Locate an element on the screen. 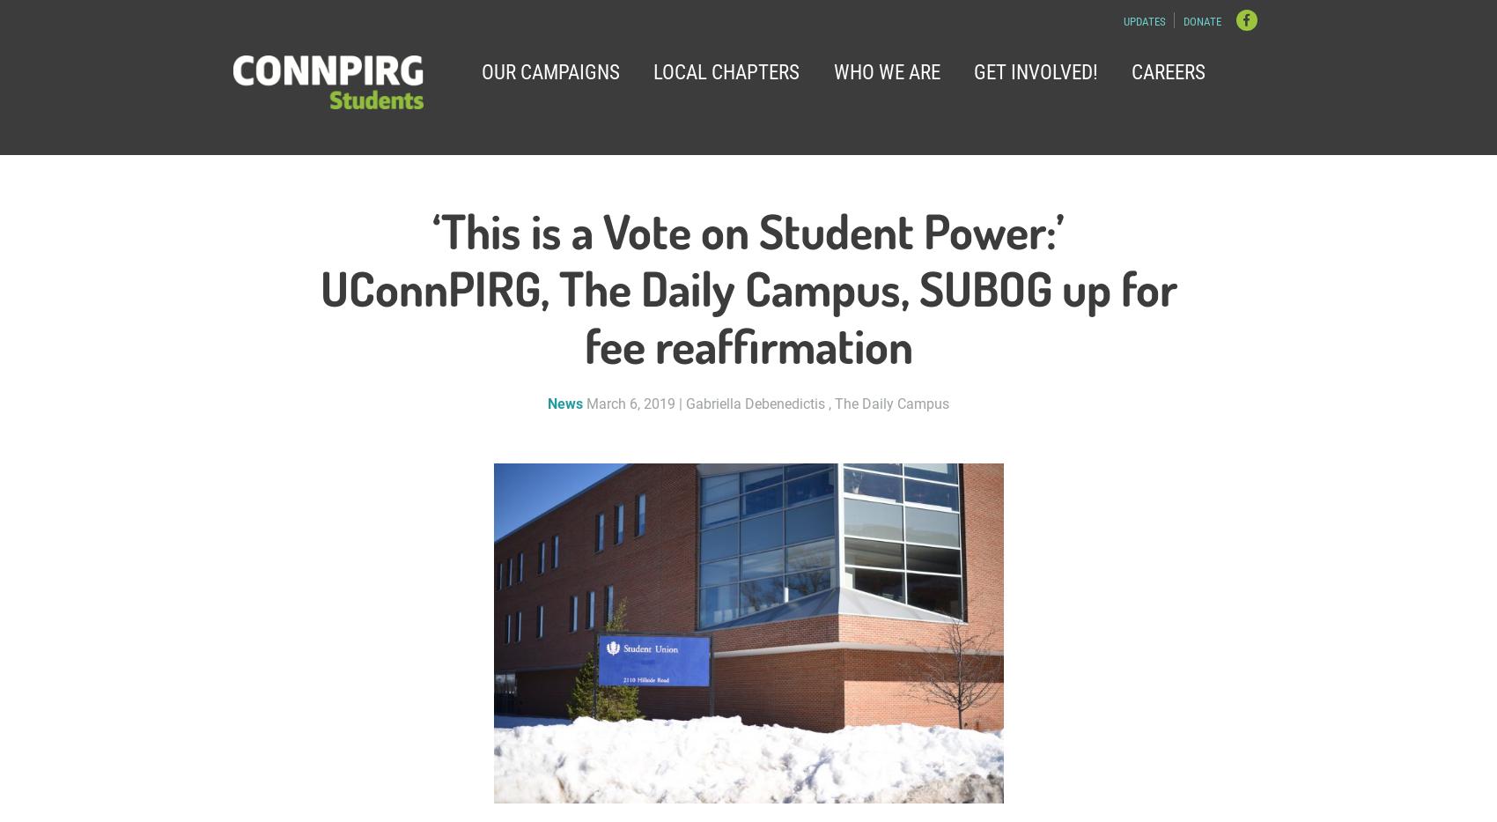 Image resolution: width=1497 pixels, height=822 pixels. 'Careers' is located at coordinates (1132, 70).